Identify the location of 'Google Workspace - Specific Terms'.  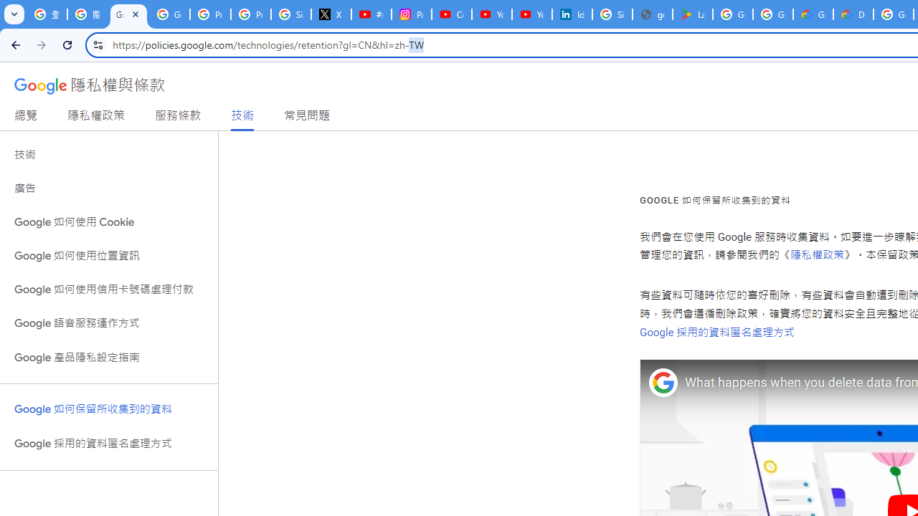
(772, 14).